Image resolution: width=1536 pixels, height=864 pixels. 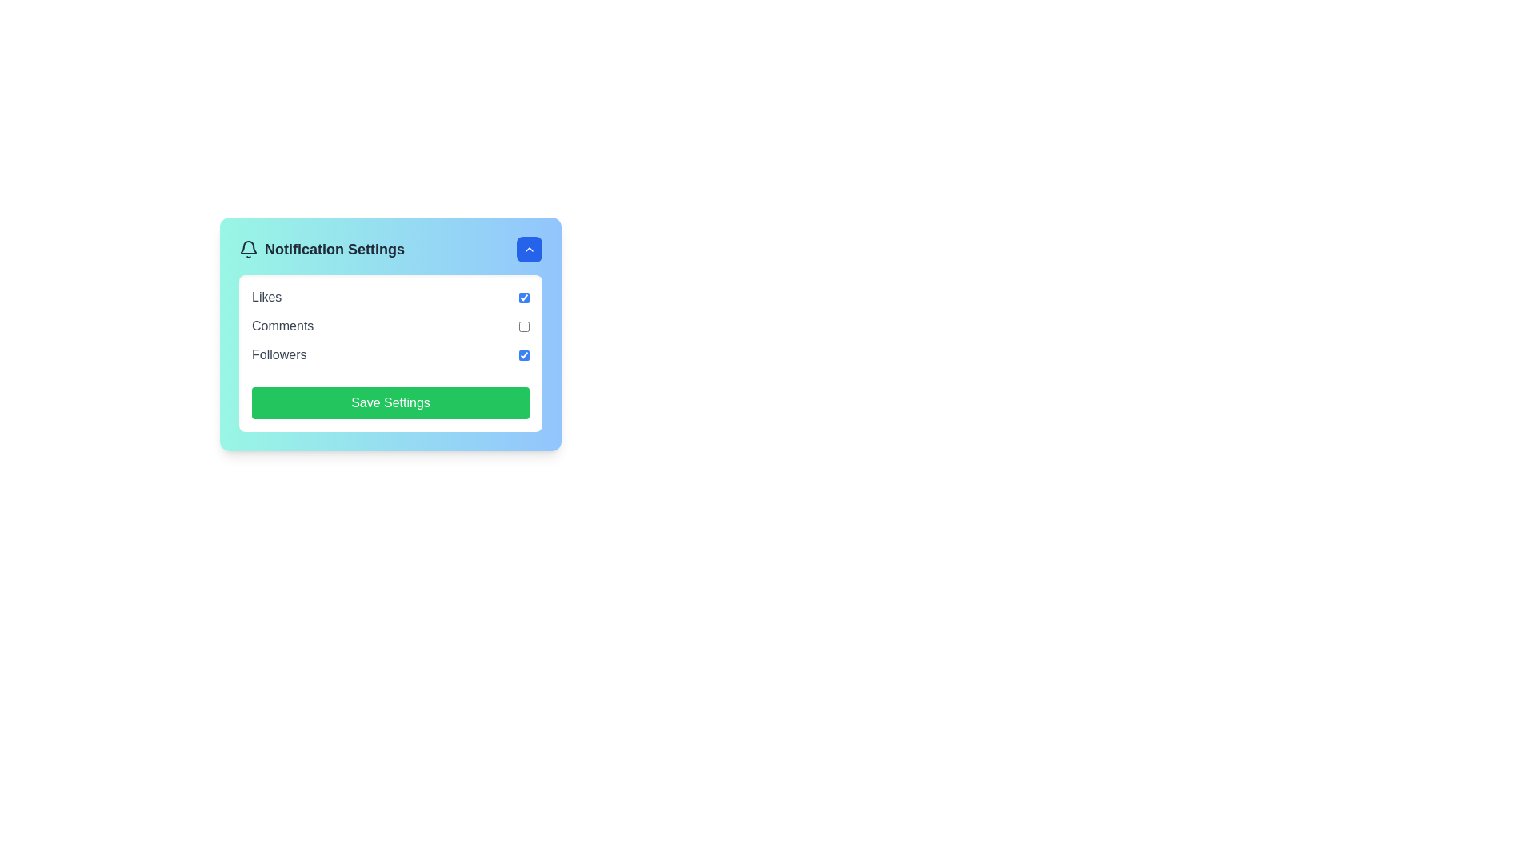 I want to click on text from the 'Followers' label, which is a dark gray, capitalized text located in the settings panel, below the 'Comments' label, so click(x=279, y=354).